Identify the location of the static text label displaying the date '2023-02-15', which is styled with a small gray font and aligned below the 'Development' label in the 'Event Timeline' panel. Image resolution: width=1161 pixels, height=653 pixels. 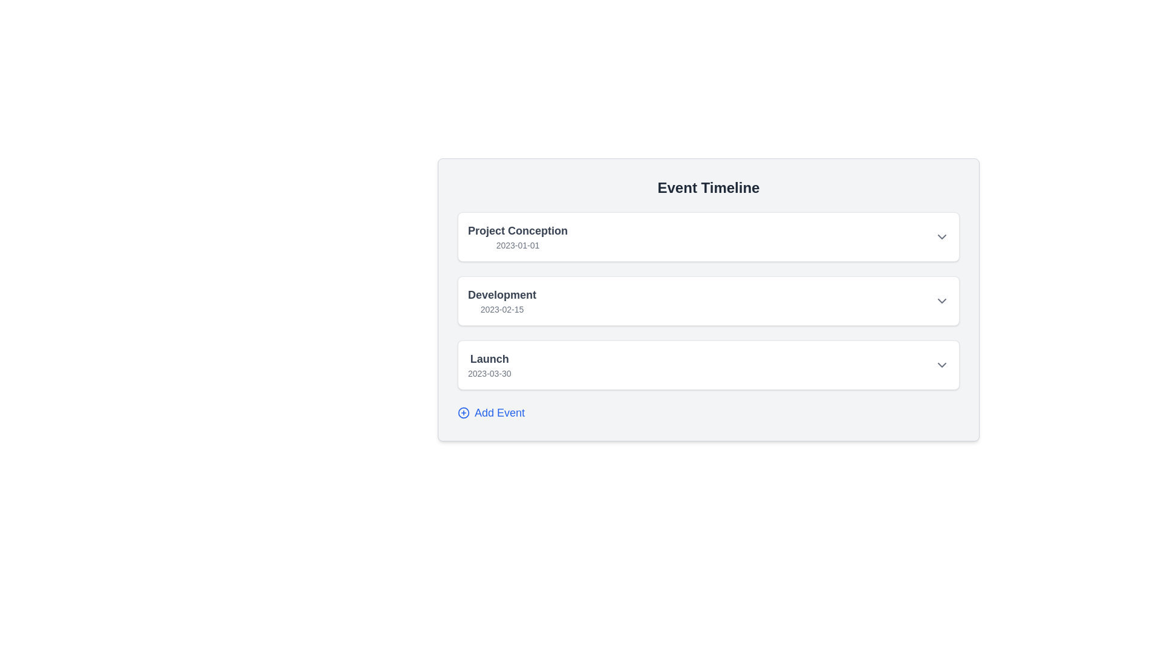
(502, 309).